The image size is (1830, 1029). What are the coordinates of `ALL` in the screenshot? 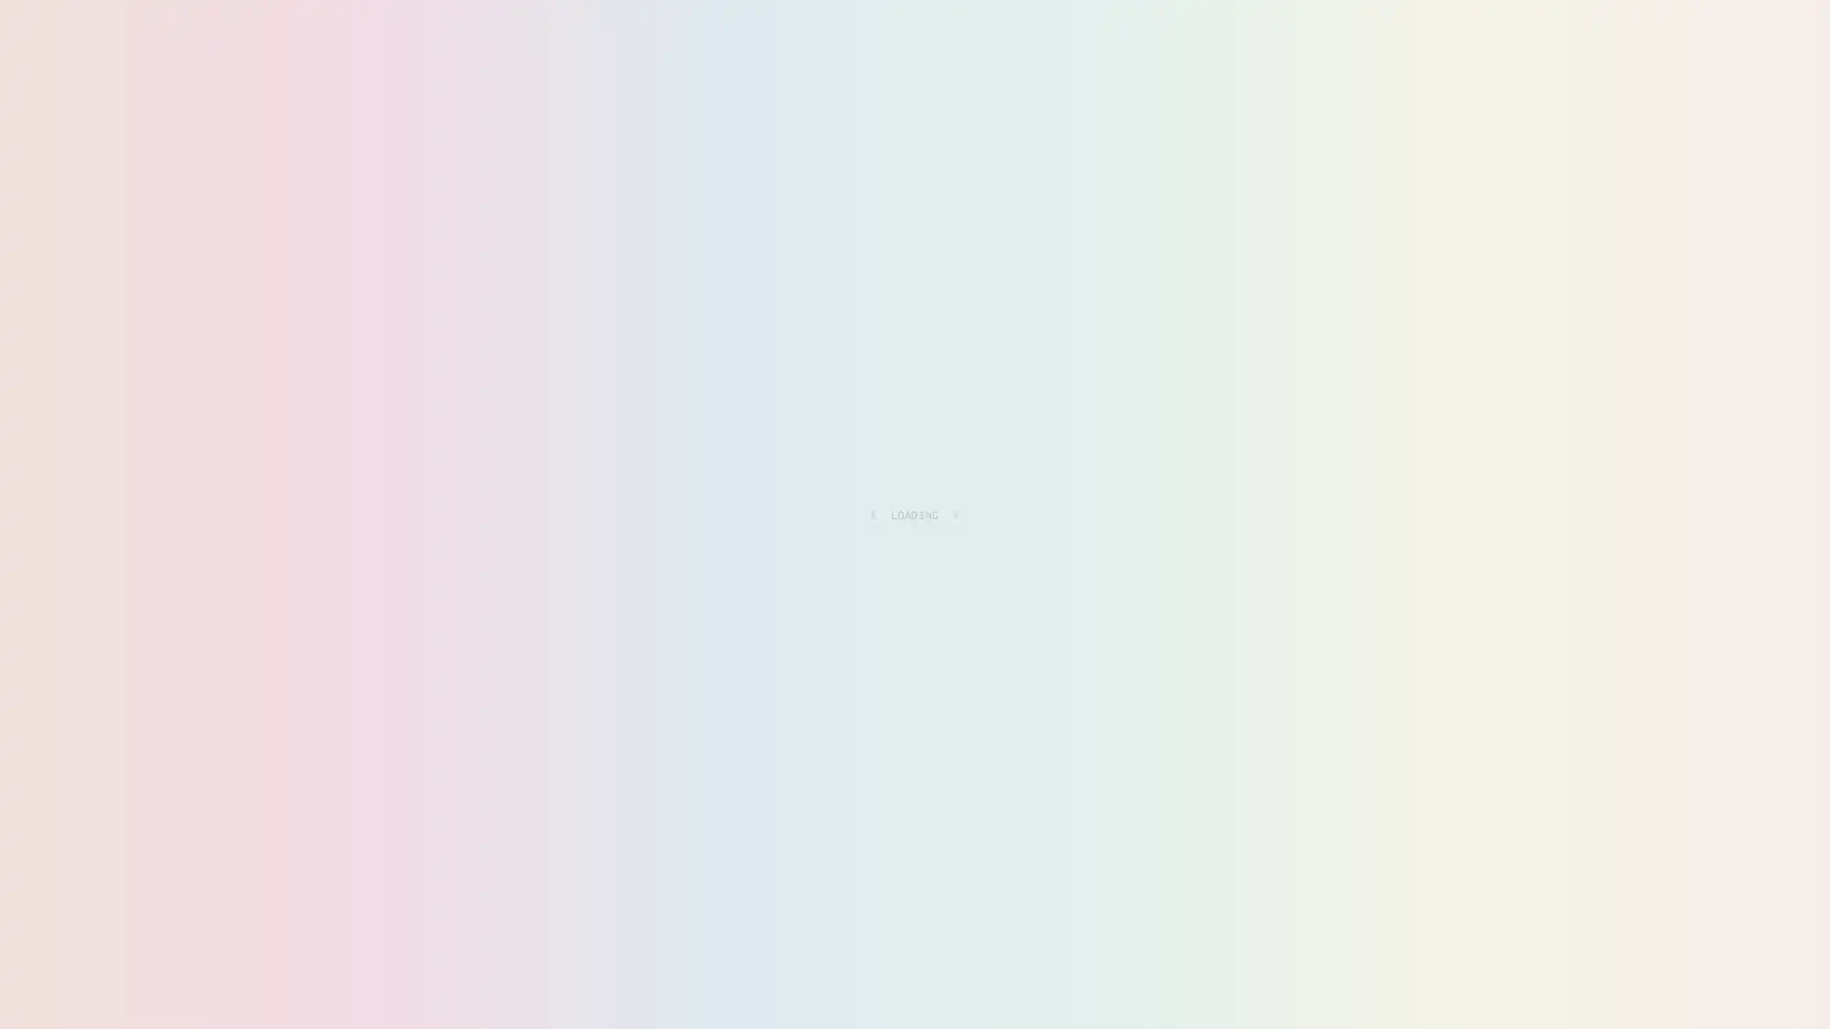 It's located at (225, 192).